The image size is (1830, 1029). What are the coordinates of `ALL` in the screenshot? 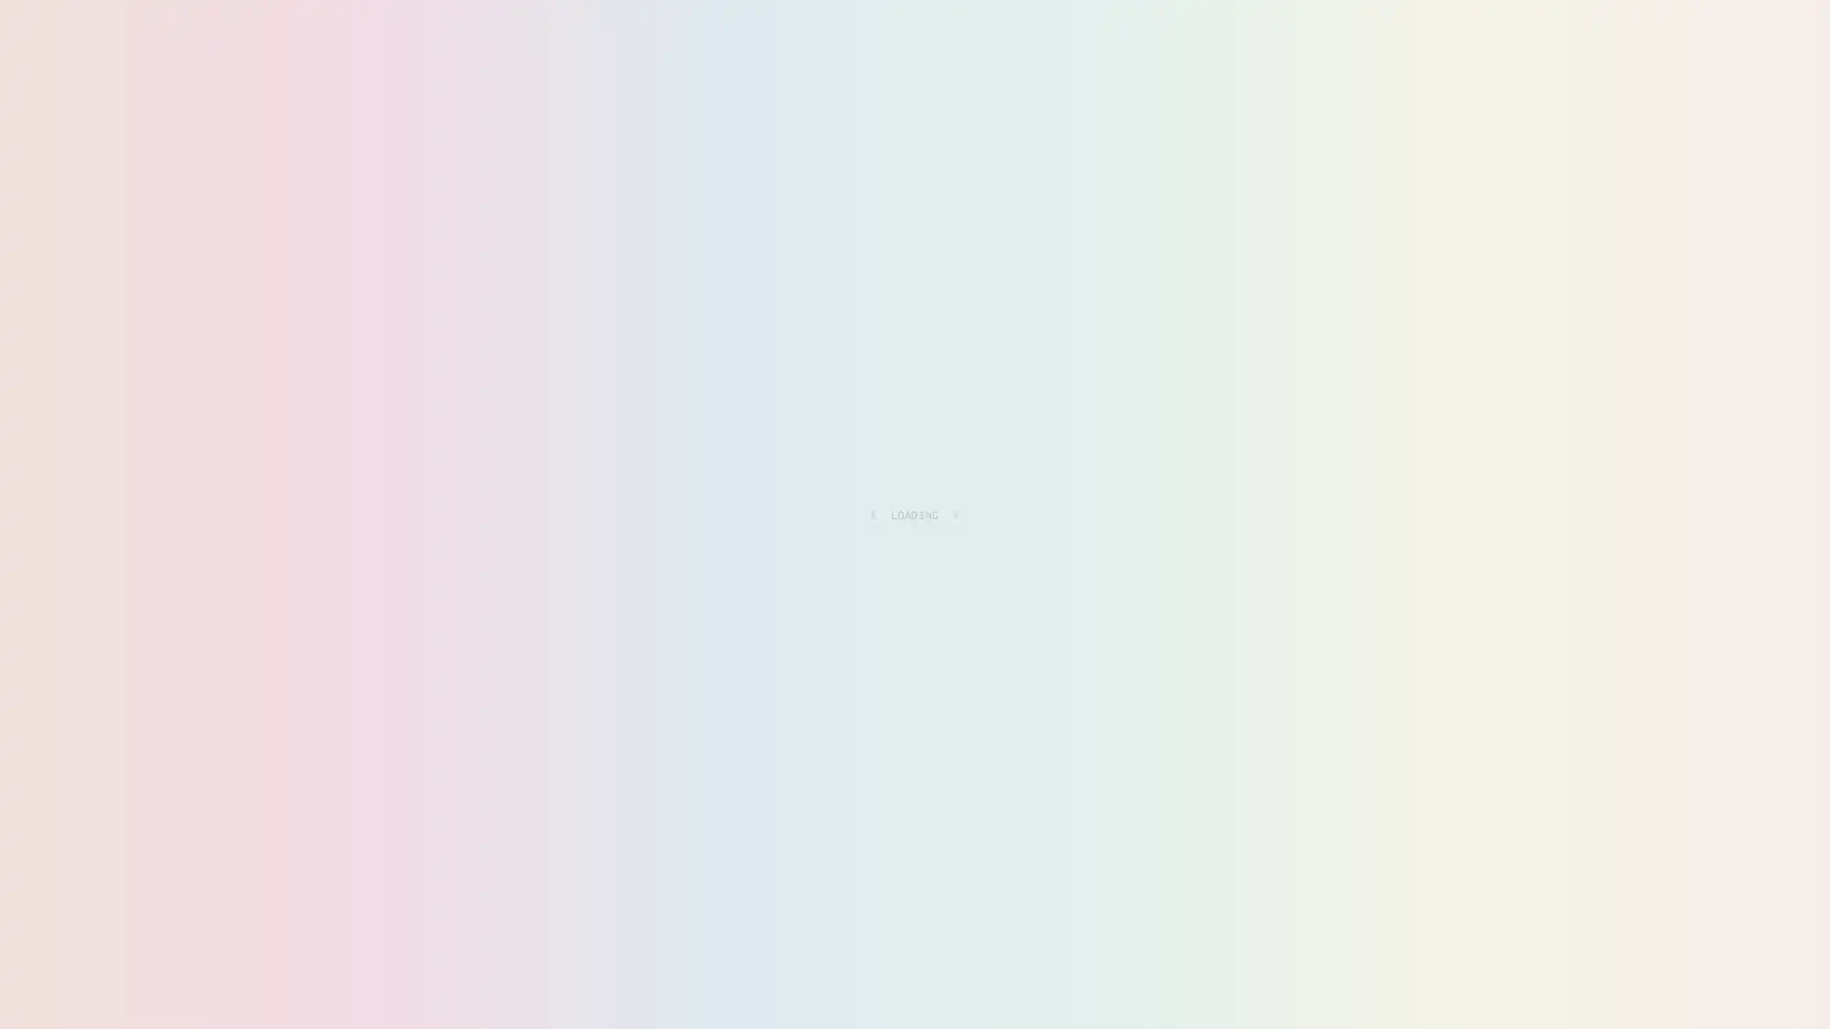 It's located at (225, 192).